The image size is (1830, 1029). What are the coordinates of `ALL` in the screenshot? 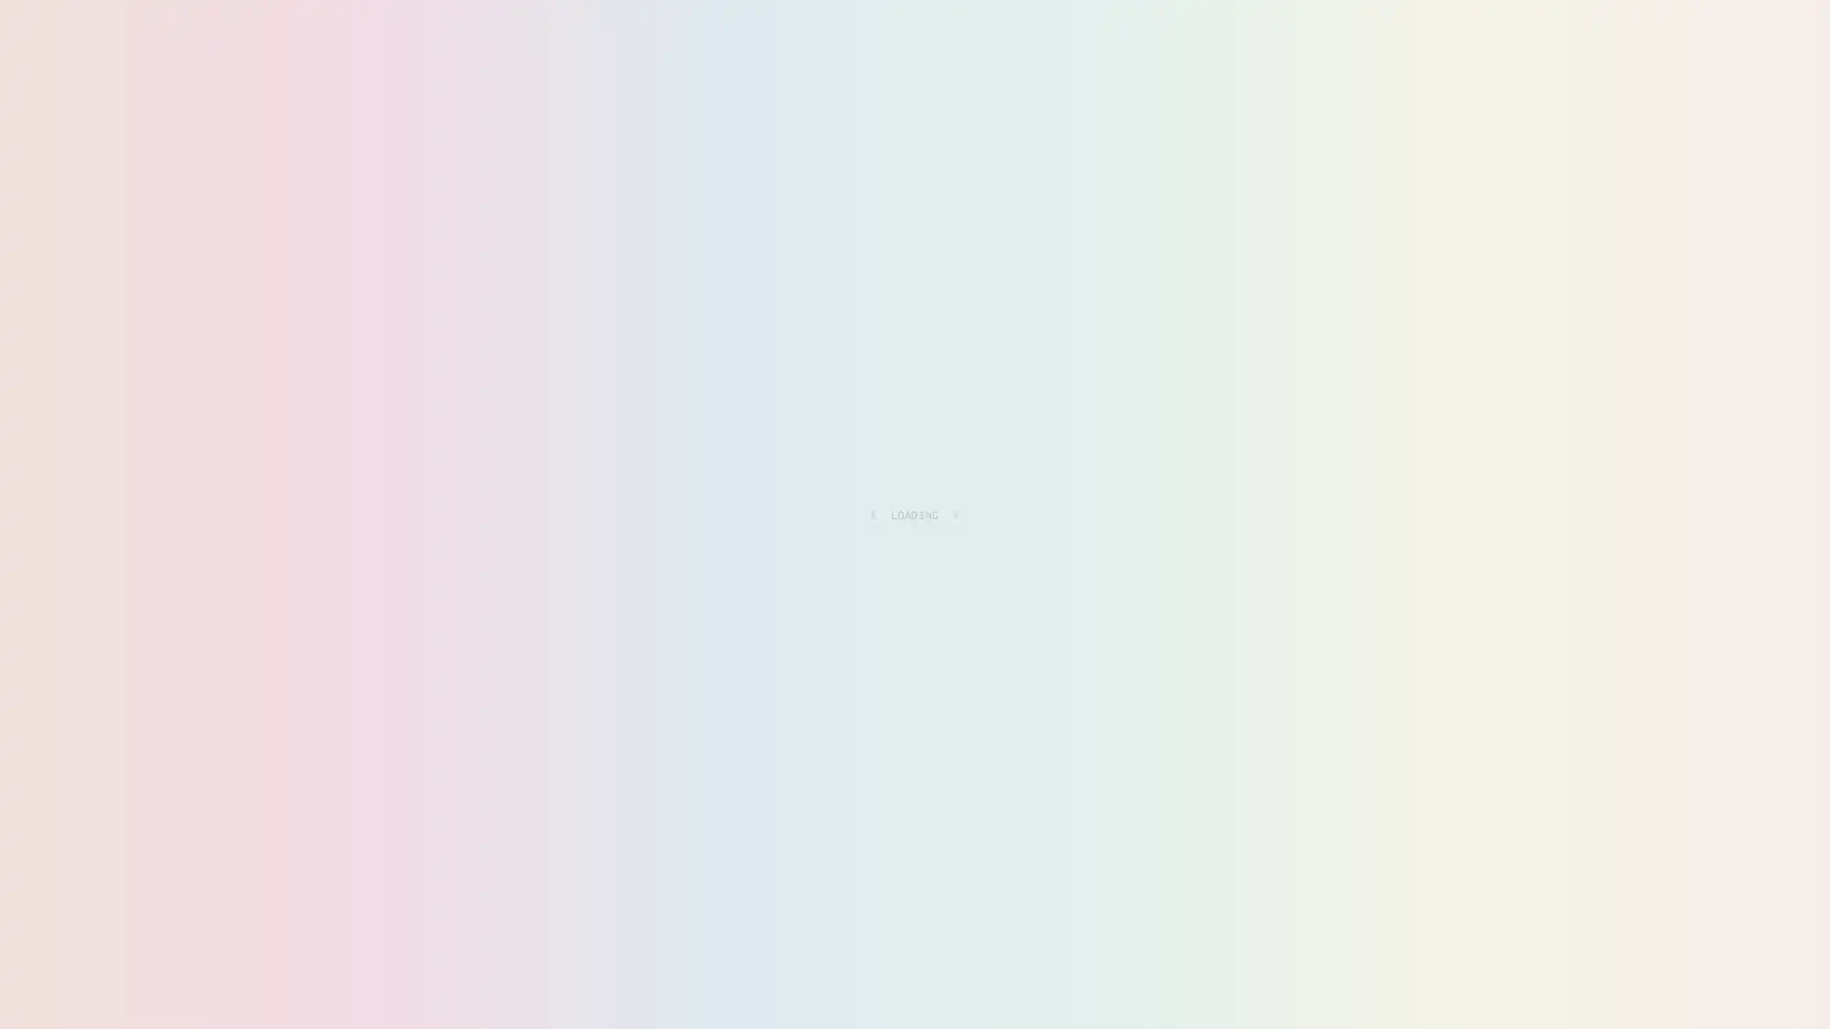 It's located at (225, 192).